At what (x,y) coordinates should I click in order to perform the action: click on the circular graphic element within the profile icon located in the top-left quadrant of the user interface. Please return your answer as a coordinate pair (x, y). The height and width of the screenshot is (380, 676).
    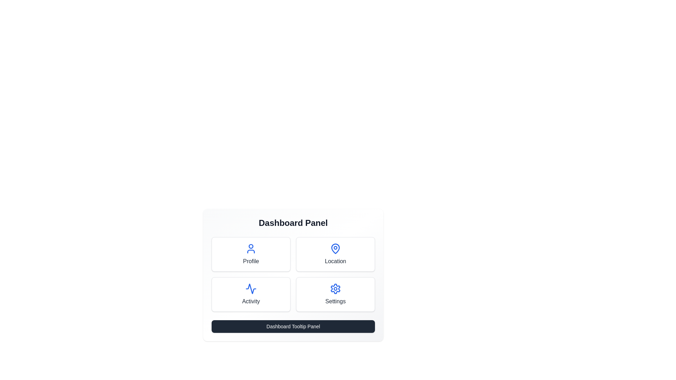
    Looking at the image, I should click on (251, 246).